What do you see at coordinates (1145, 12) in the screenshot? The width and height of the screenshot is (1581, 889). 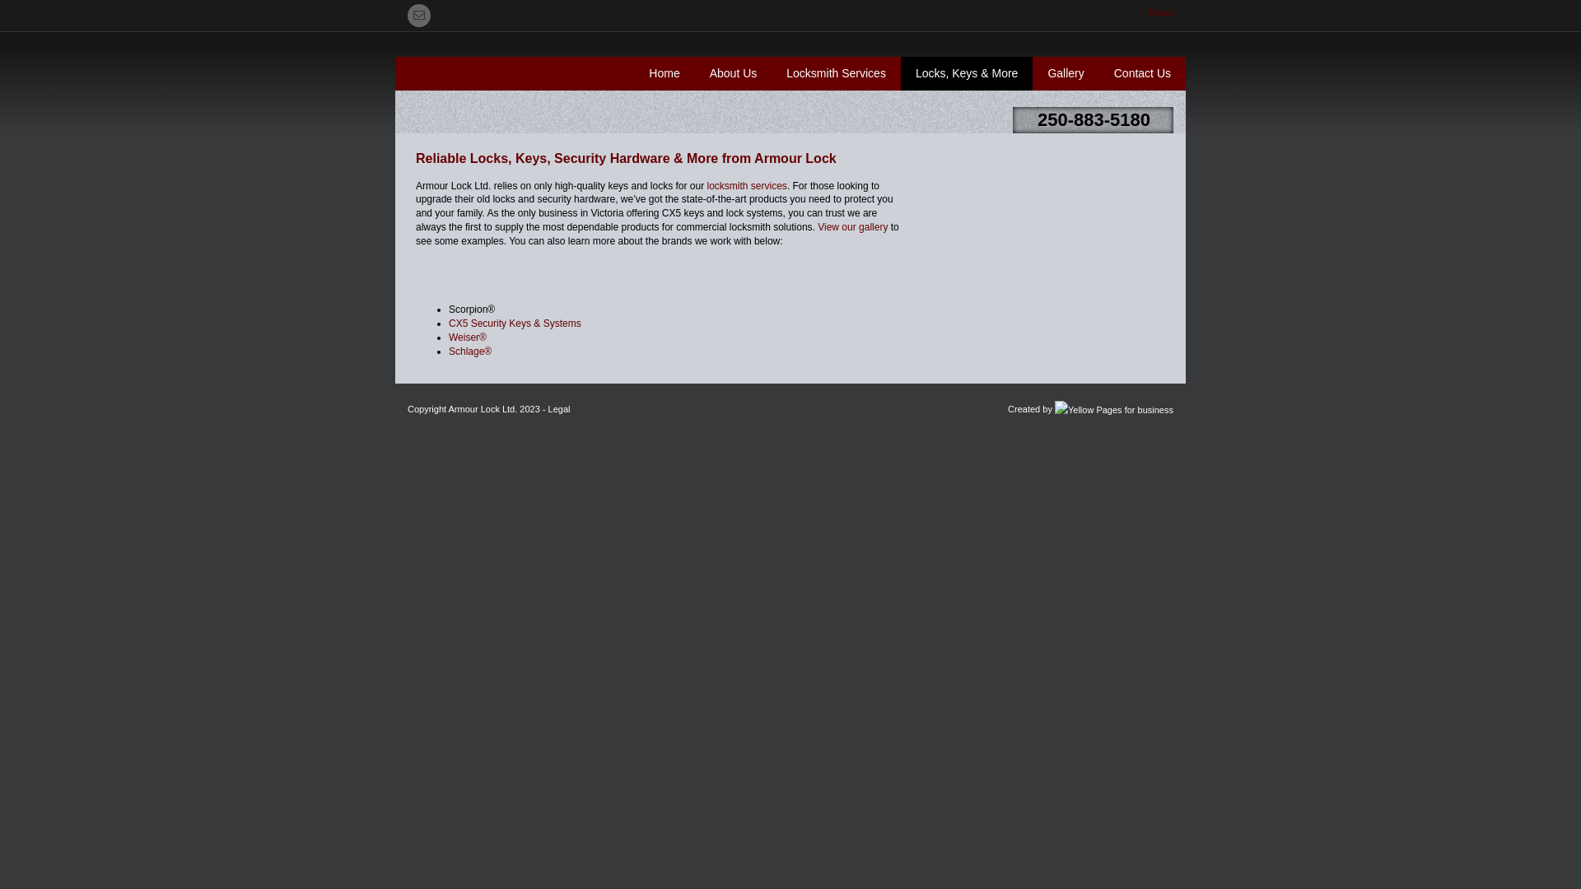 I see `'Tweet'` at bounding box center [1145, 12].